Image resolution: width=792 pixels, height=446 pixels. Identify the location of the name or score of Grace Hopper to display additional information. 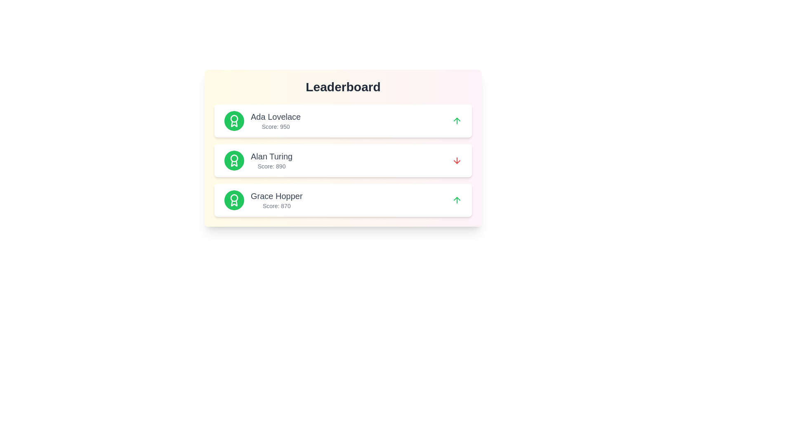
(276, 196).